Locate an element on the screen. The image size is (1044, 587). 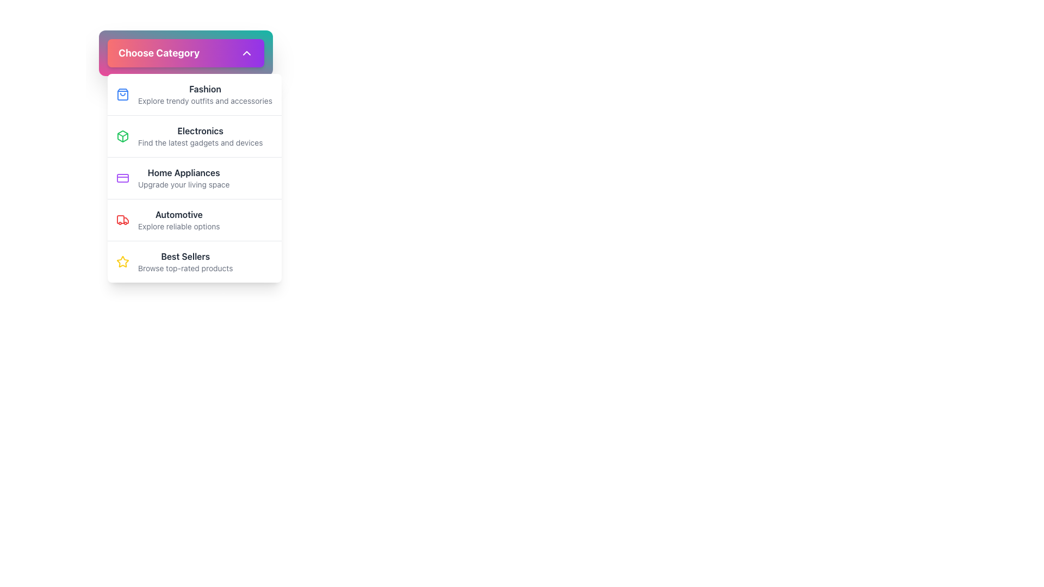
the text label indicating the 'Automotive' category in the menu card, which is positioned in the top half of the fourth entry of a vertical list is located at coordinates (179, 214).